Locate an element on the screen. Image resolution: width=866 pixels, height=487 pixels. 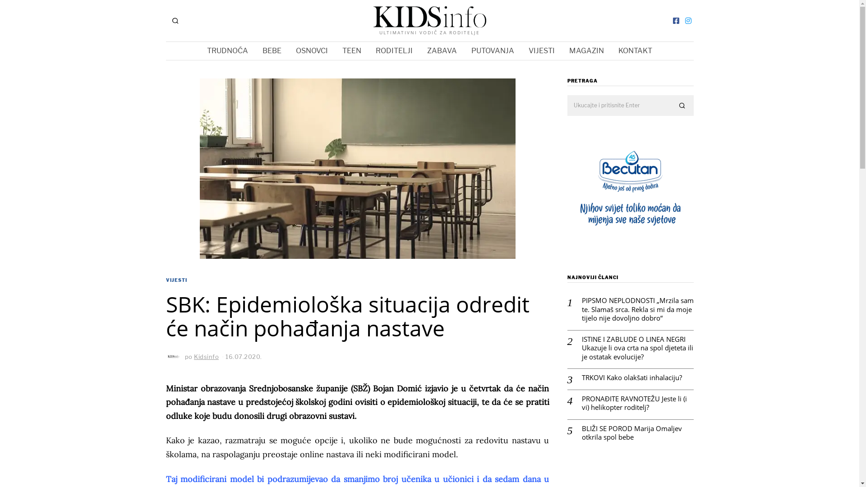
'TEEN' is located at coordinates (351, 51).